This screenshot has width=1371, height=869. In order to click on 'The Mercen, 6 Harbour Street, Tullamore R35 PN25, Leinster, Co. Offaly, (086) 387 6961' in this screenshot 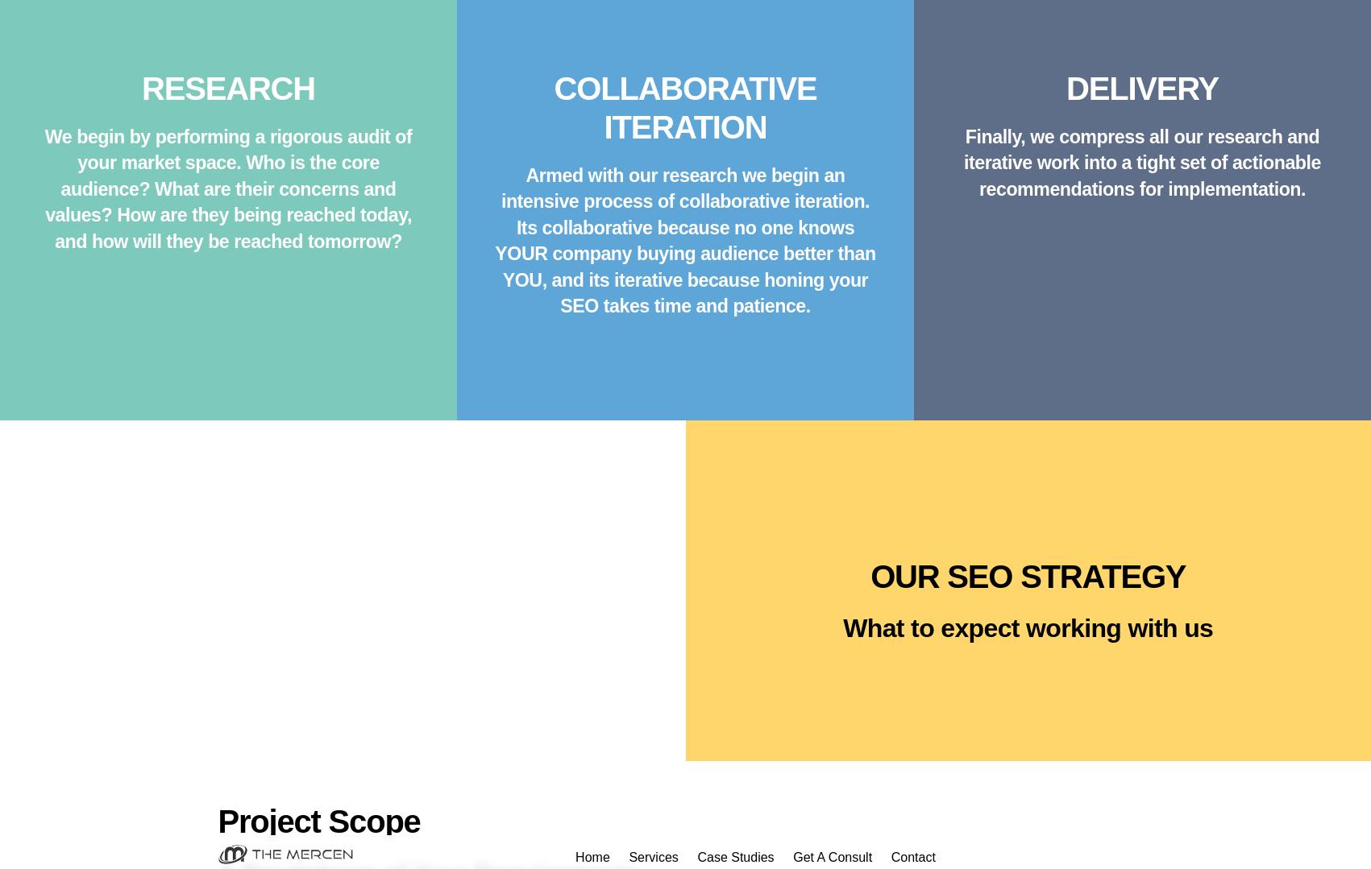, I will do `click(684, 666)`.